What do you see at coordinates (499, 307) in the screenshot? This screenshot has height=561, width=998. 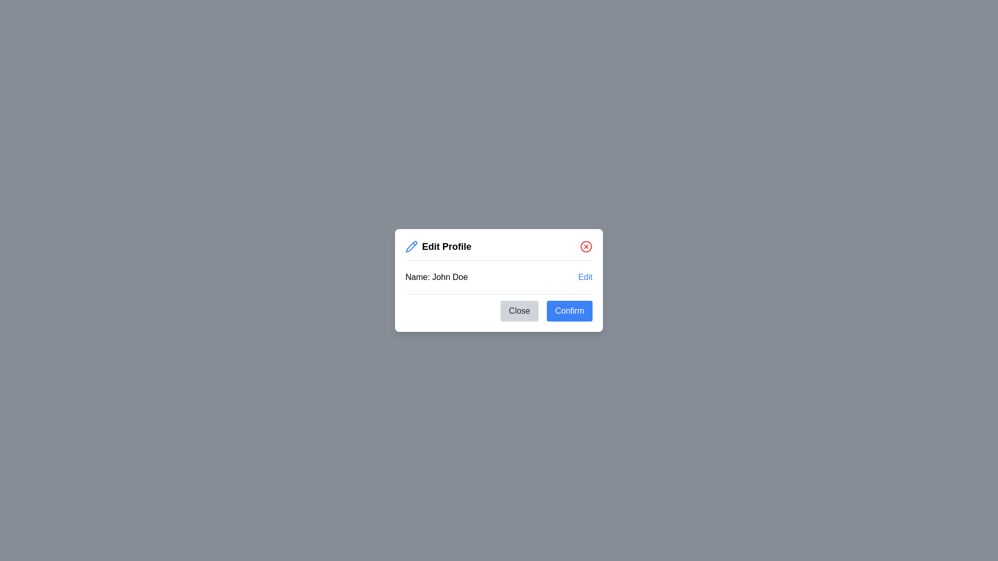 I see `the 'Close' button located at the bottom right of the modal interface` at bounding box center [499, 307].